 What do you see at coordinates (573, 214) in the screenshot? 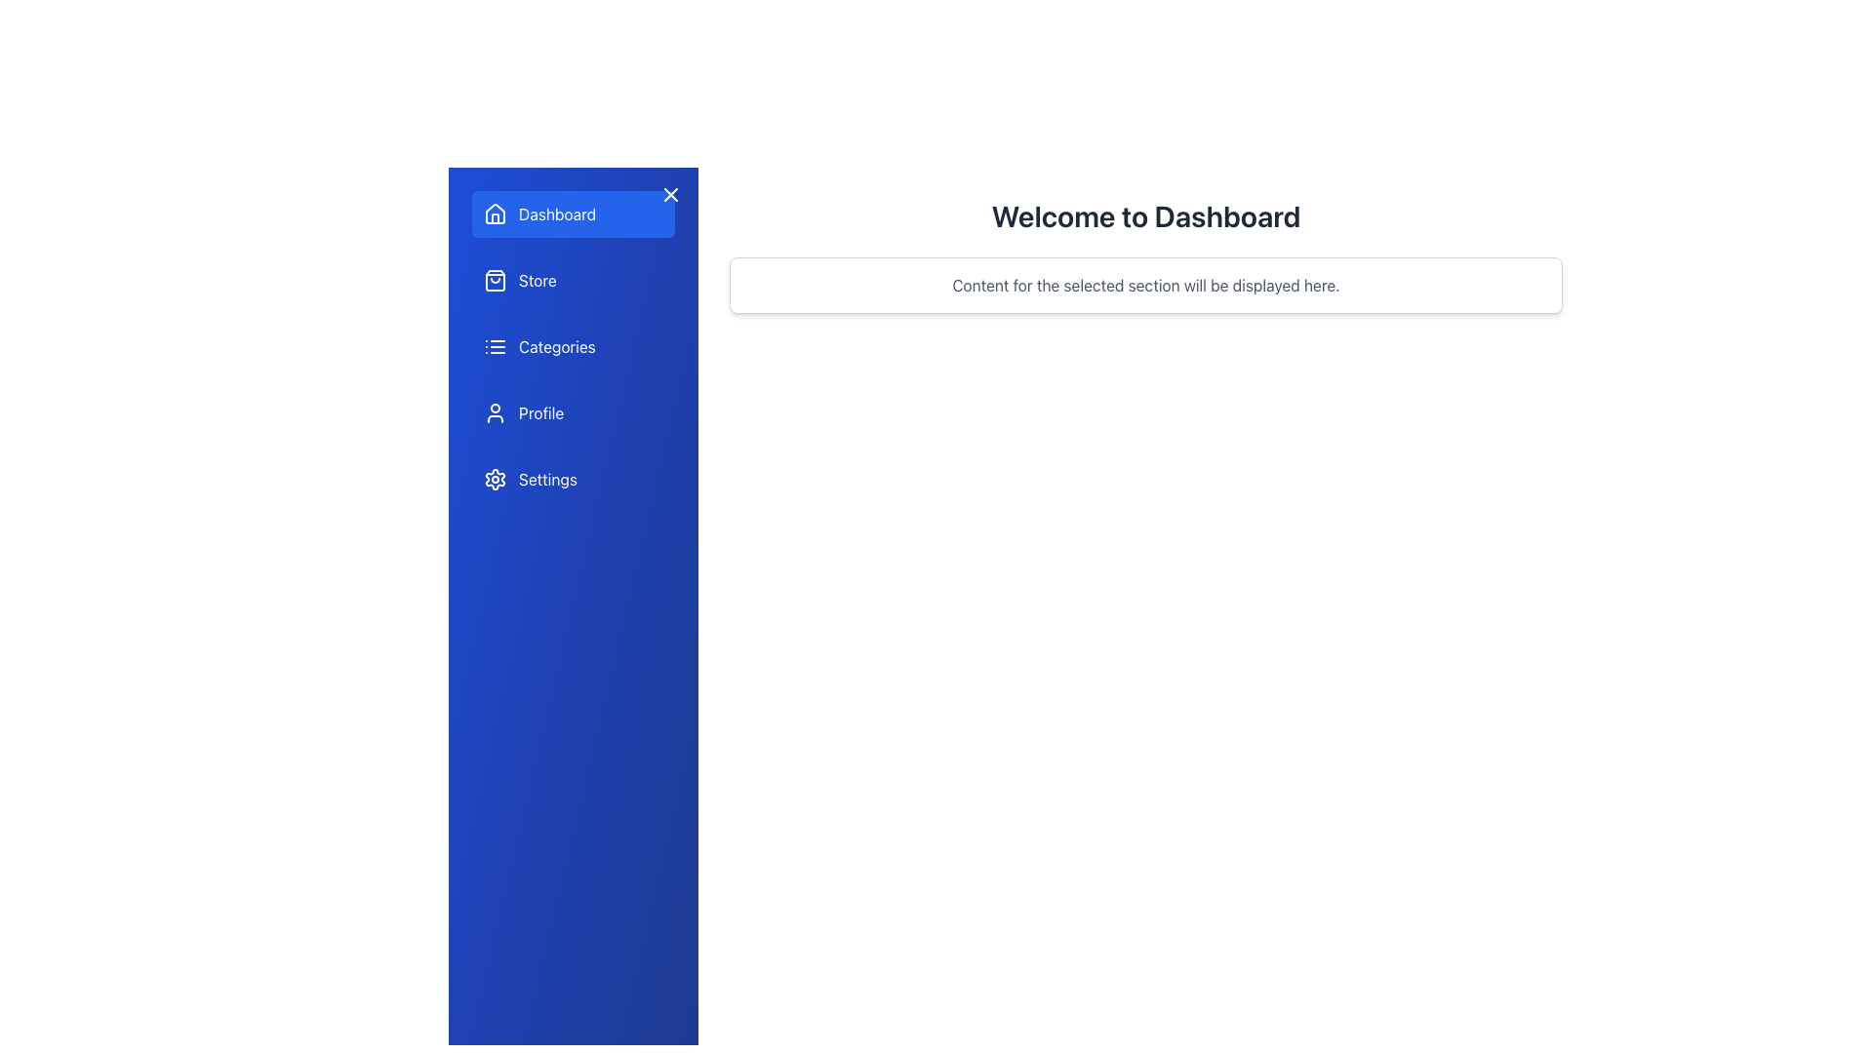
I see `the 'Dashboard' navigation menu item, which is the first item in the vertical menu with a blue background and a home icon to the left` at bounding box center [573, 214].